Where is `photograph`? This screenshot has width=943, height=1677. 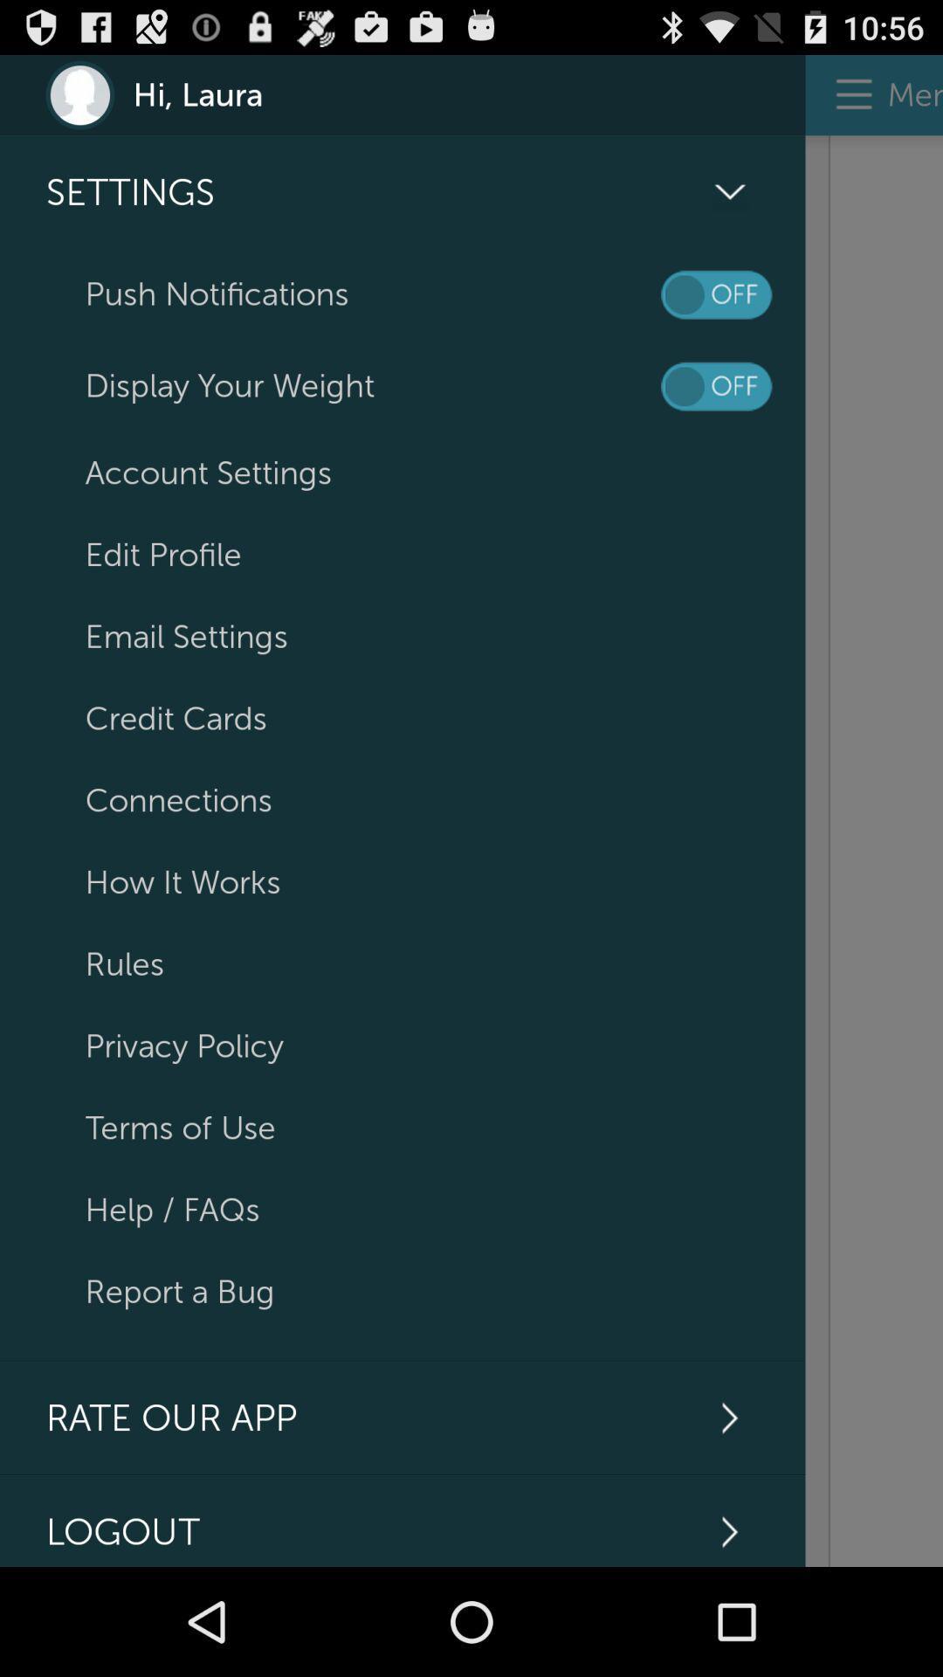 photograph is located at coordinates (874, 851).